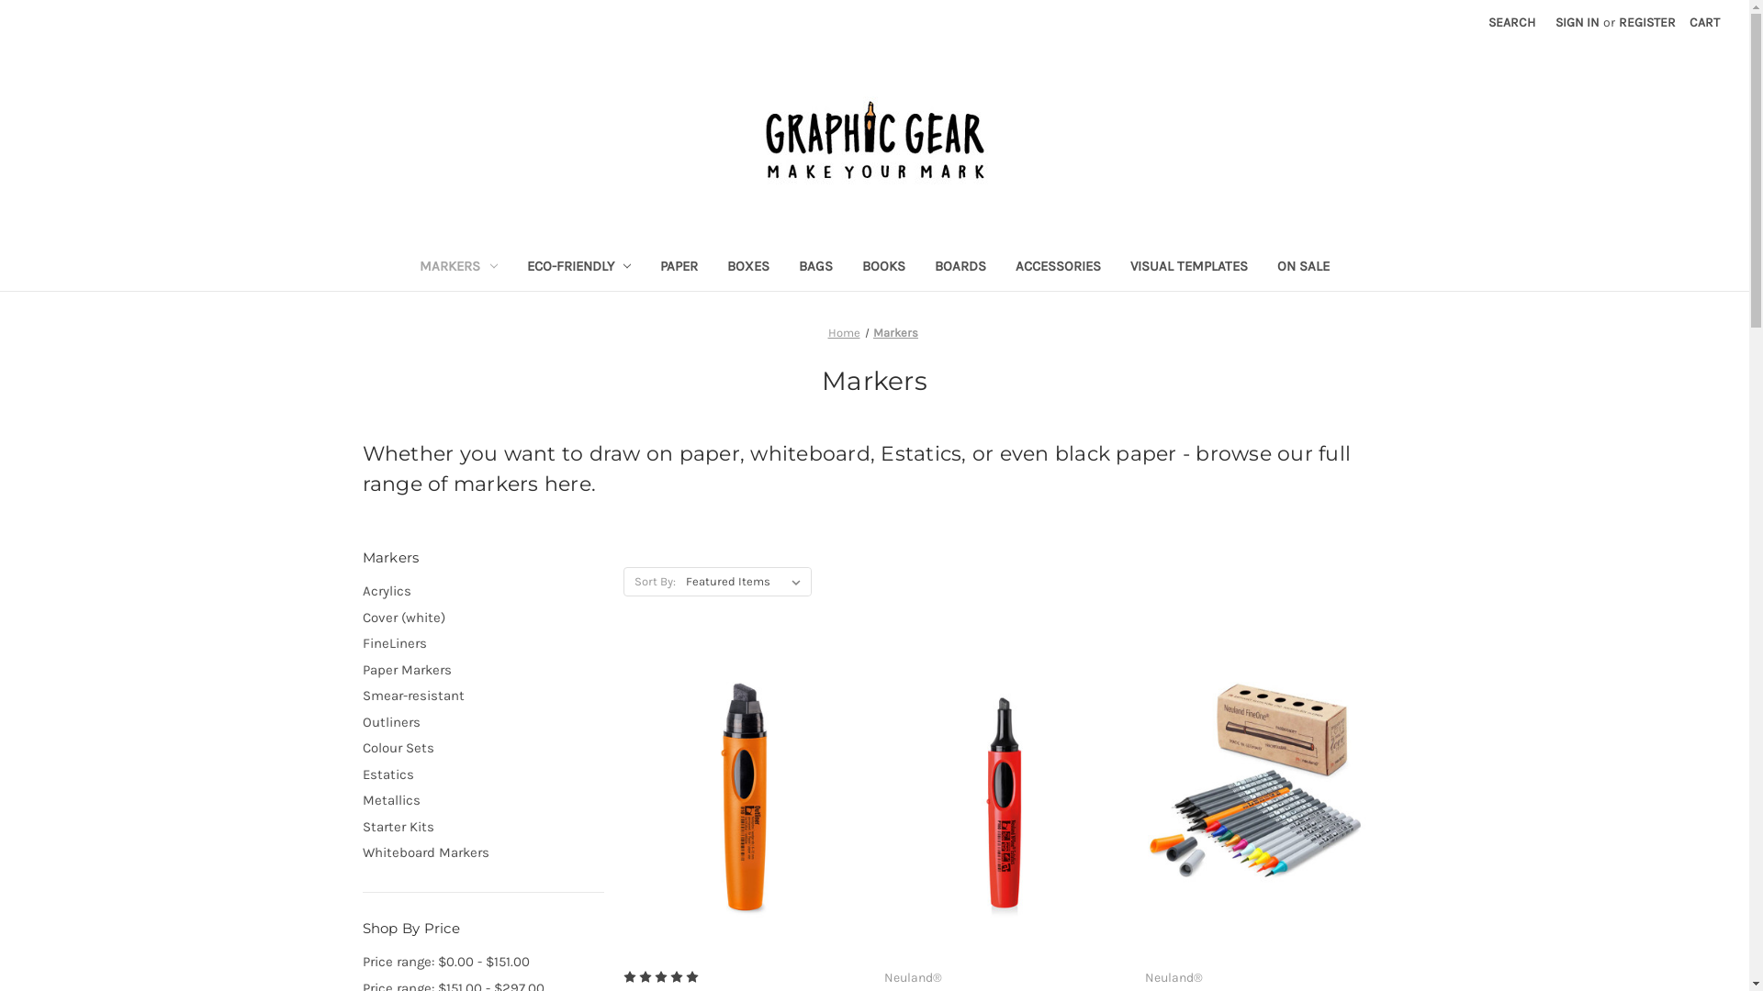 The height and width of the screenshot is (991, 1763). What do you see at coordinates (482, 852) in the screenshot?
I see `'Whiteboard Markers'` at bounding box center [482, 852].